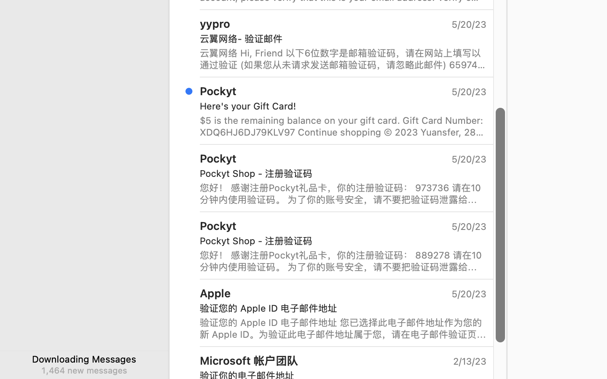  I want to click on '1,464 new messages', so click(84, 370).